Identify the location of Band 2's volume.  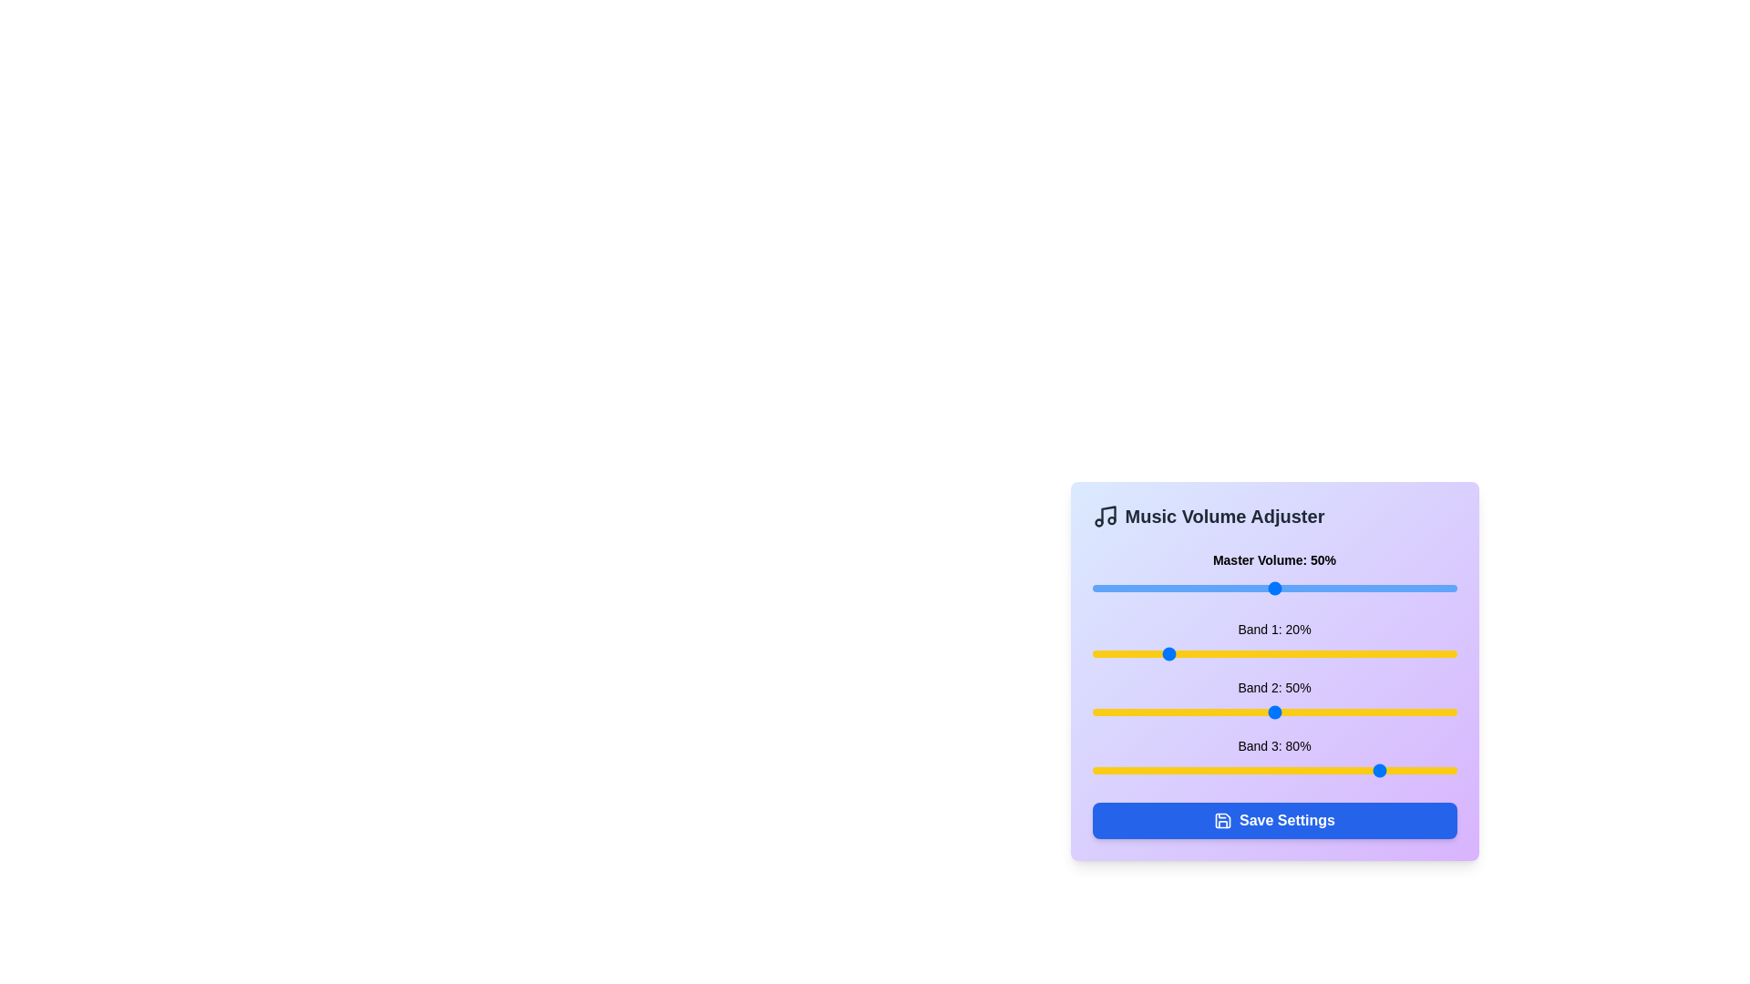
(1423, 712).